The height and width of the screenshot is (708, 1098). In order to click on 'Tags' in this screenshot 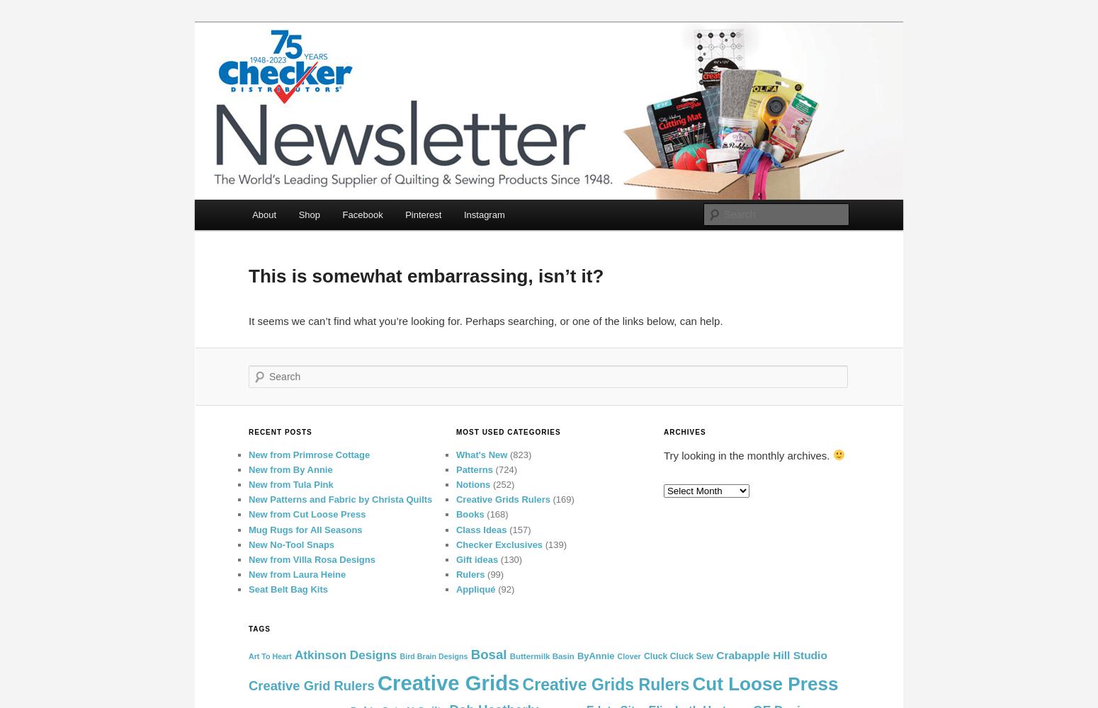, I will do `click(259, 629)`.